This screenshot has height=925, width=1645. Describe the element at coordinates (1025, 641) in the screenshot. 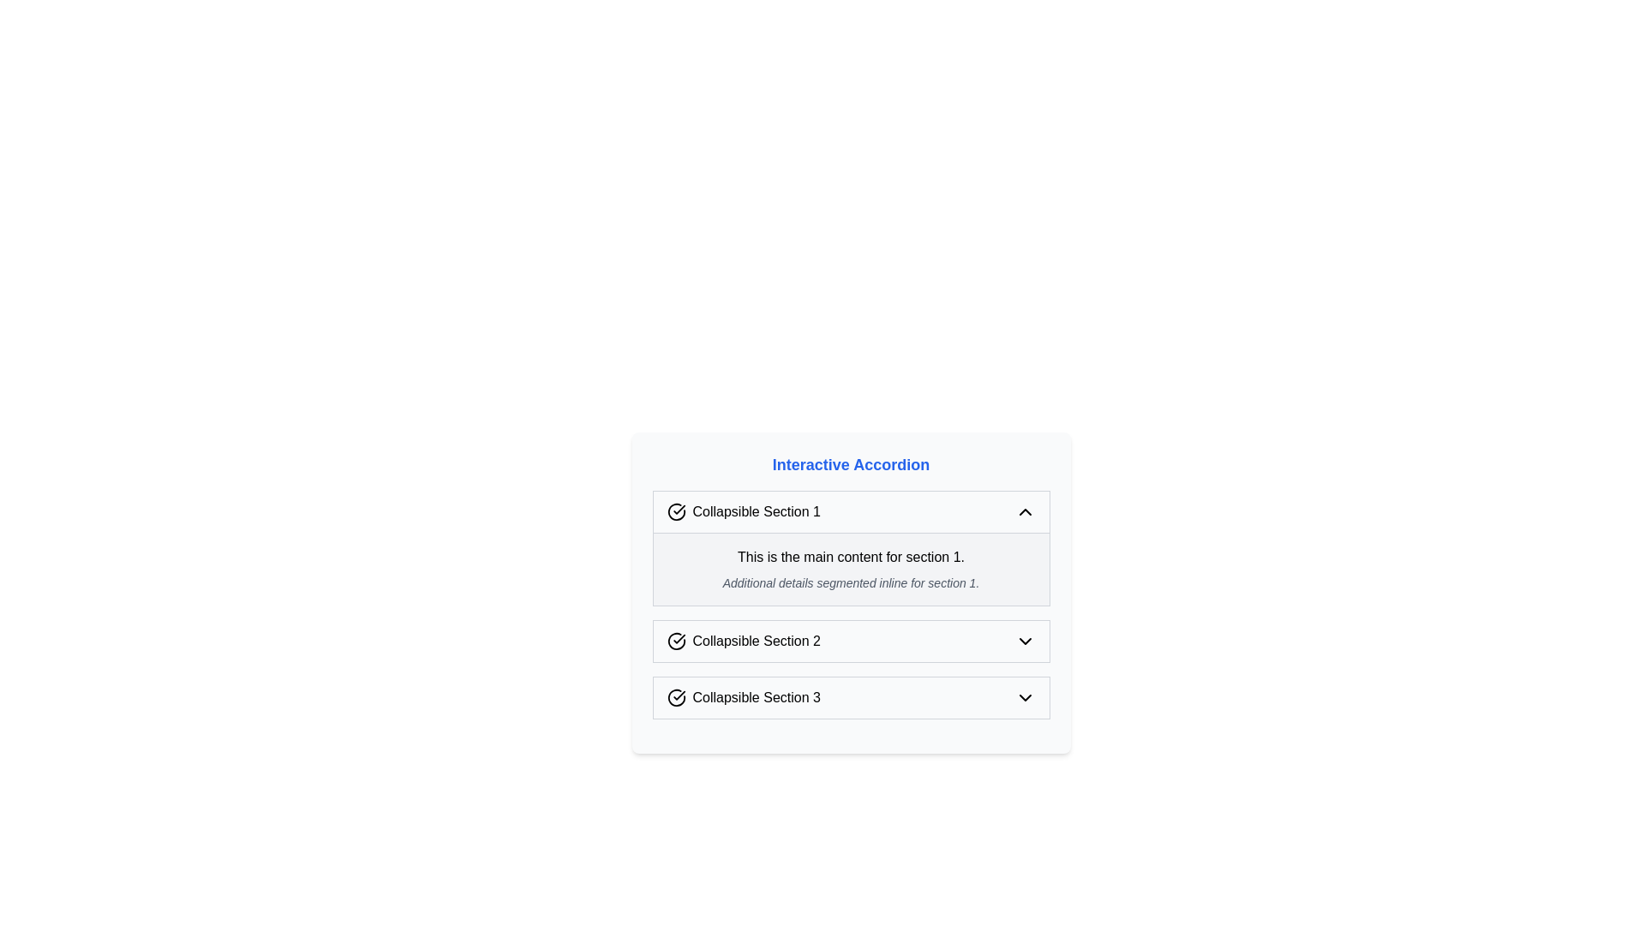

I see `the SVG icon located on the right side of the 'Collapsible Section 2' header` at that location.